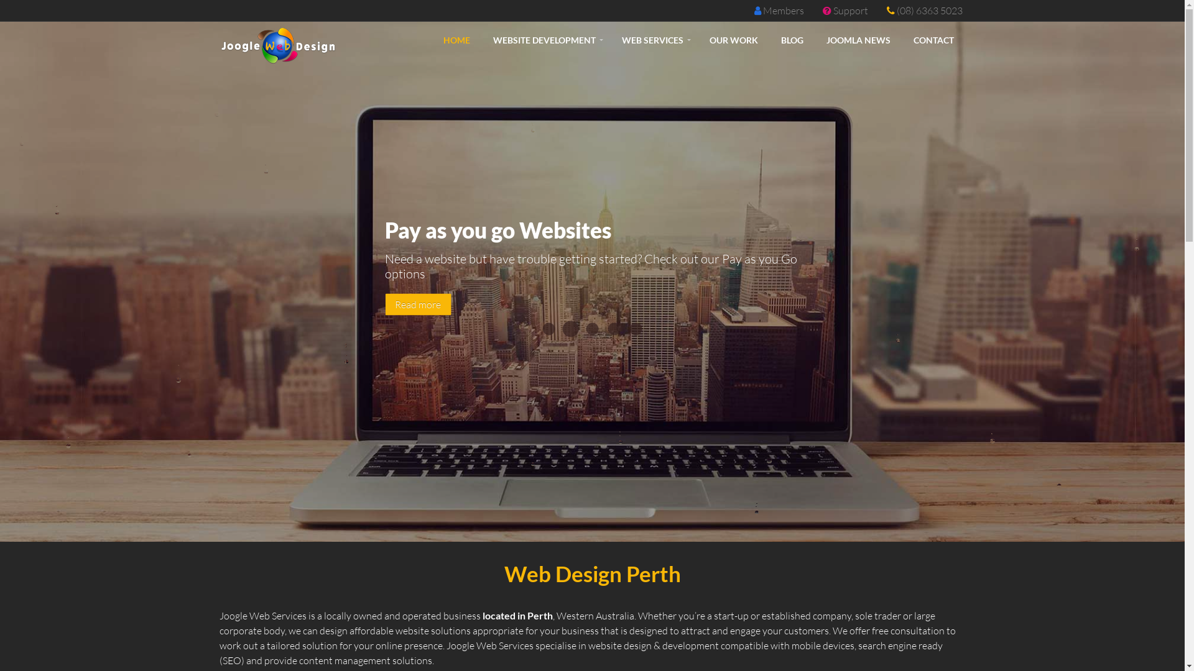 This screenshot has width=1194, height=671. What do you see at coordinates (548, 327) in the screenshot?
I see `'Data Privacy Assessments'` at bounding box center [548, 327].